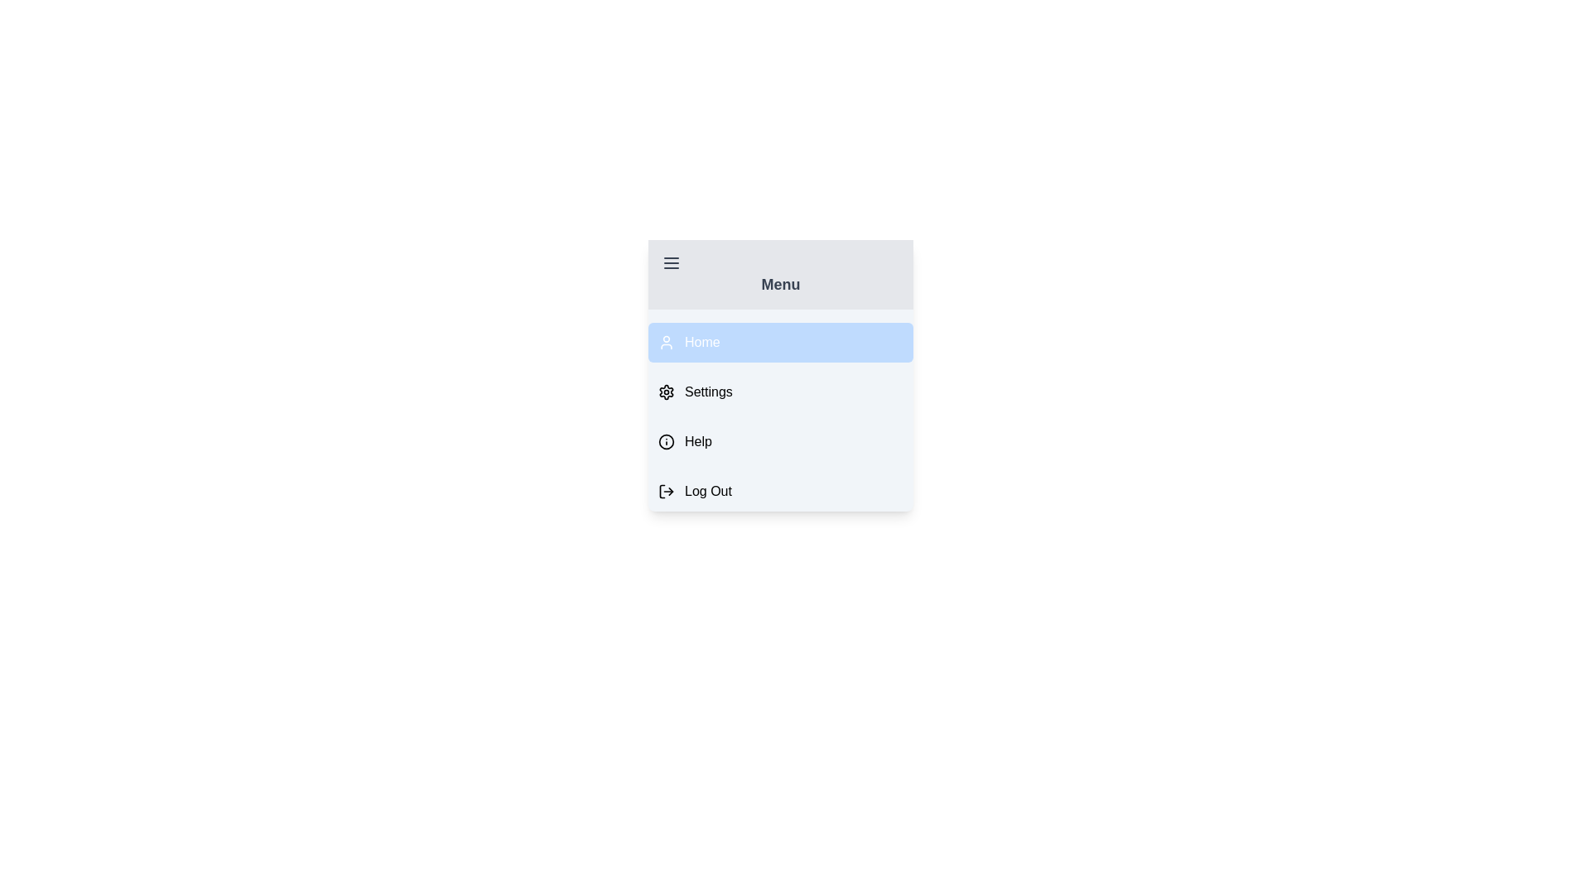 The width and height of the screenshot is (1590, 894). Describe the element at coordinates (779, 341) in the screenshot. I see `the menu item labeled Home to observe style changes` at that location.